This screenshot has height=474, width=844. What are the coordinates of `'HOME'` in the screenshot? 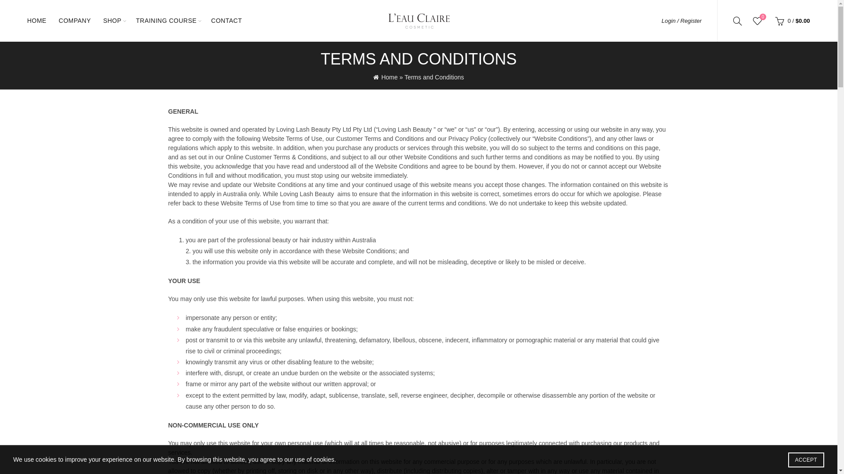 It's located at (21, 20).